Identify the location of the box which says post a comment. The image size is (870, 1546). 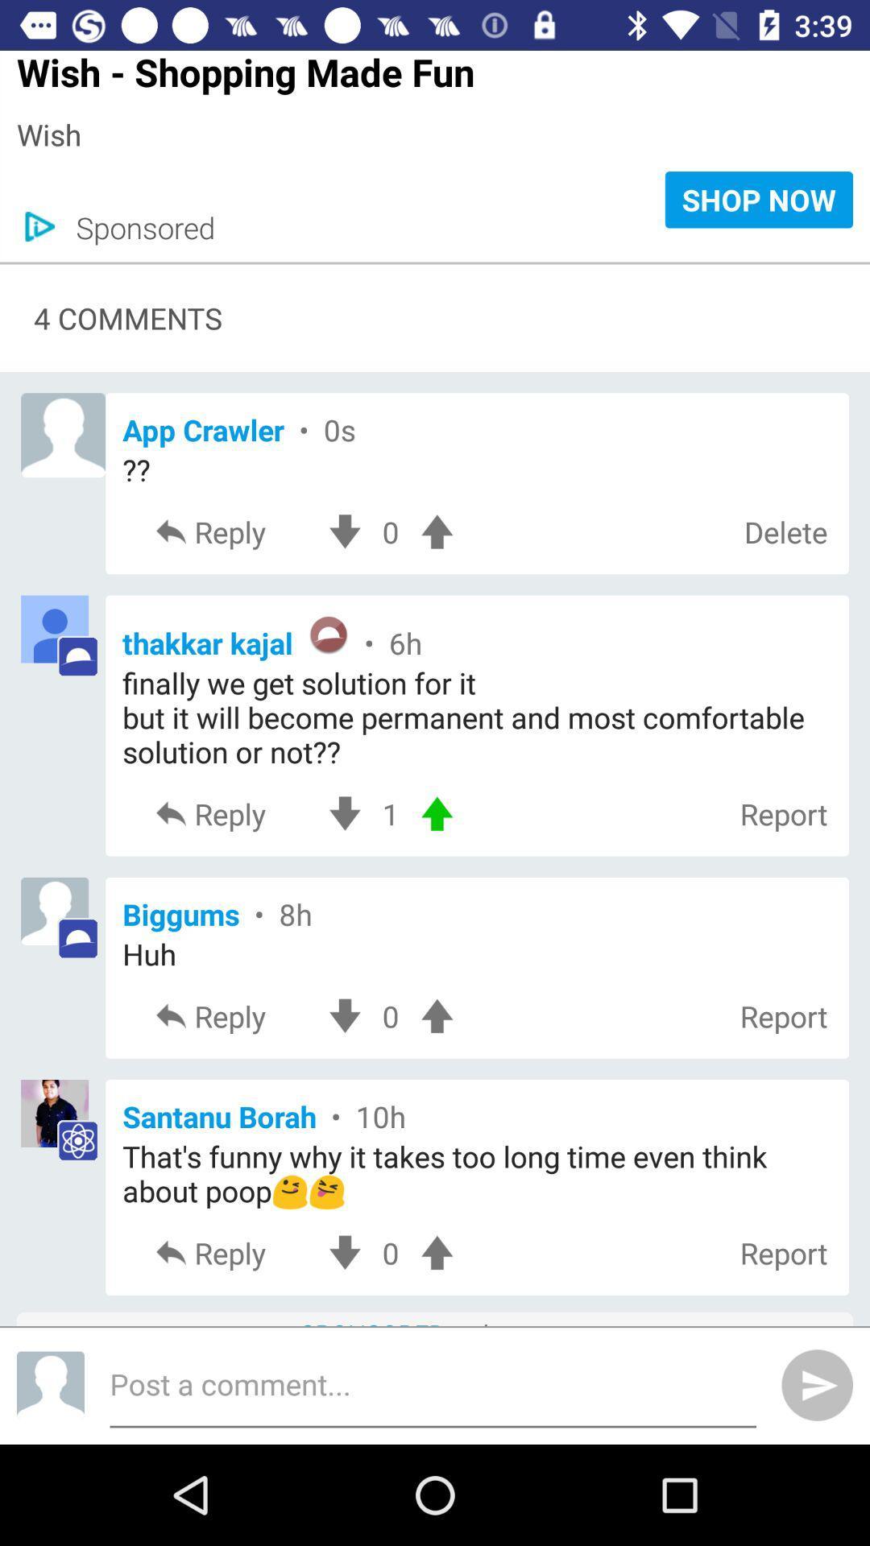
(432, 1384).